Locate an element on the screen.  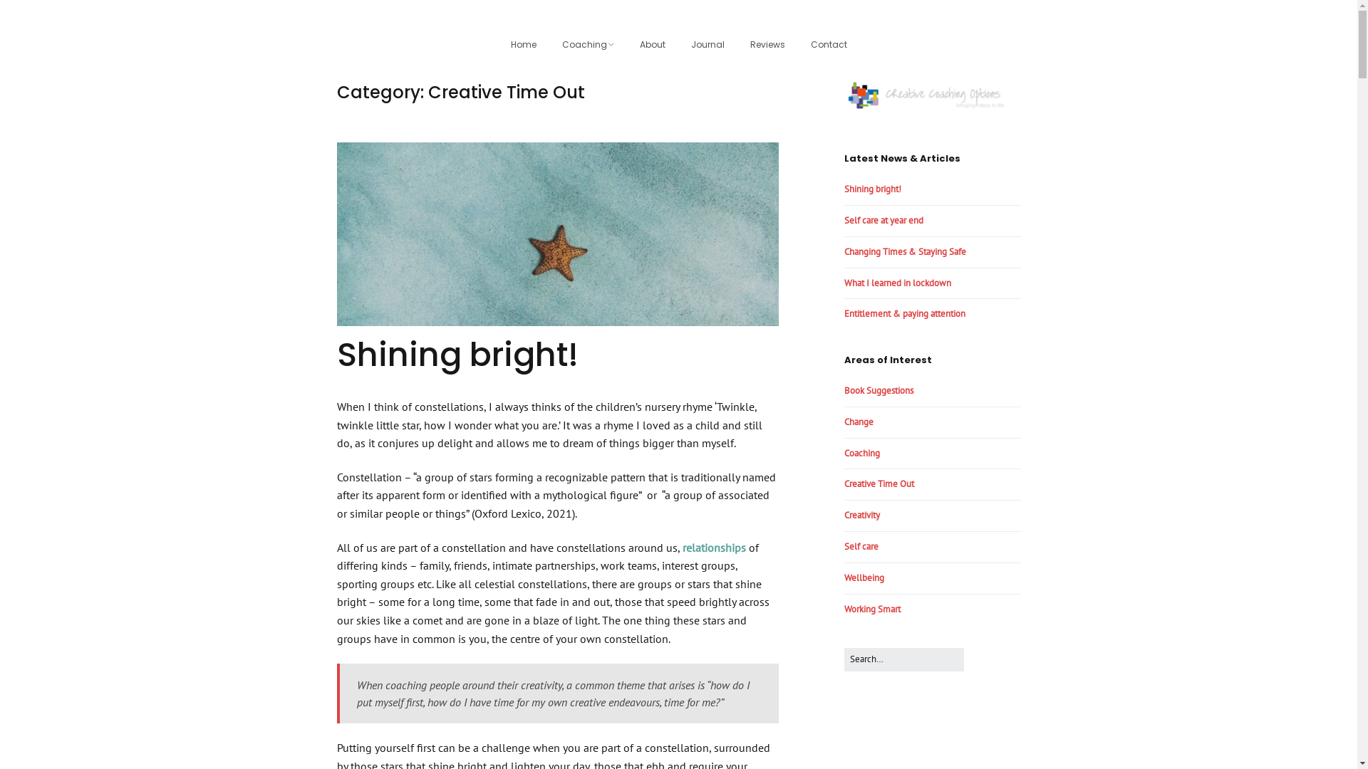
'Change' is located at coordinates (857, 421).